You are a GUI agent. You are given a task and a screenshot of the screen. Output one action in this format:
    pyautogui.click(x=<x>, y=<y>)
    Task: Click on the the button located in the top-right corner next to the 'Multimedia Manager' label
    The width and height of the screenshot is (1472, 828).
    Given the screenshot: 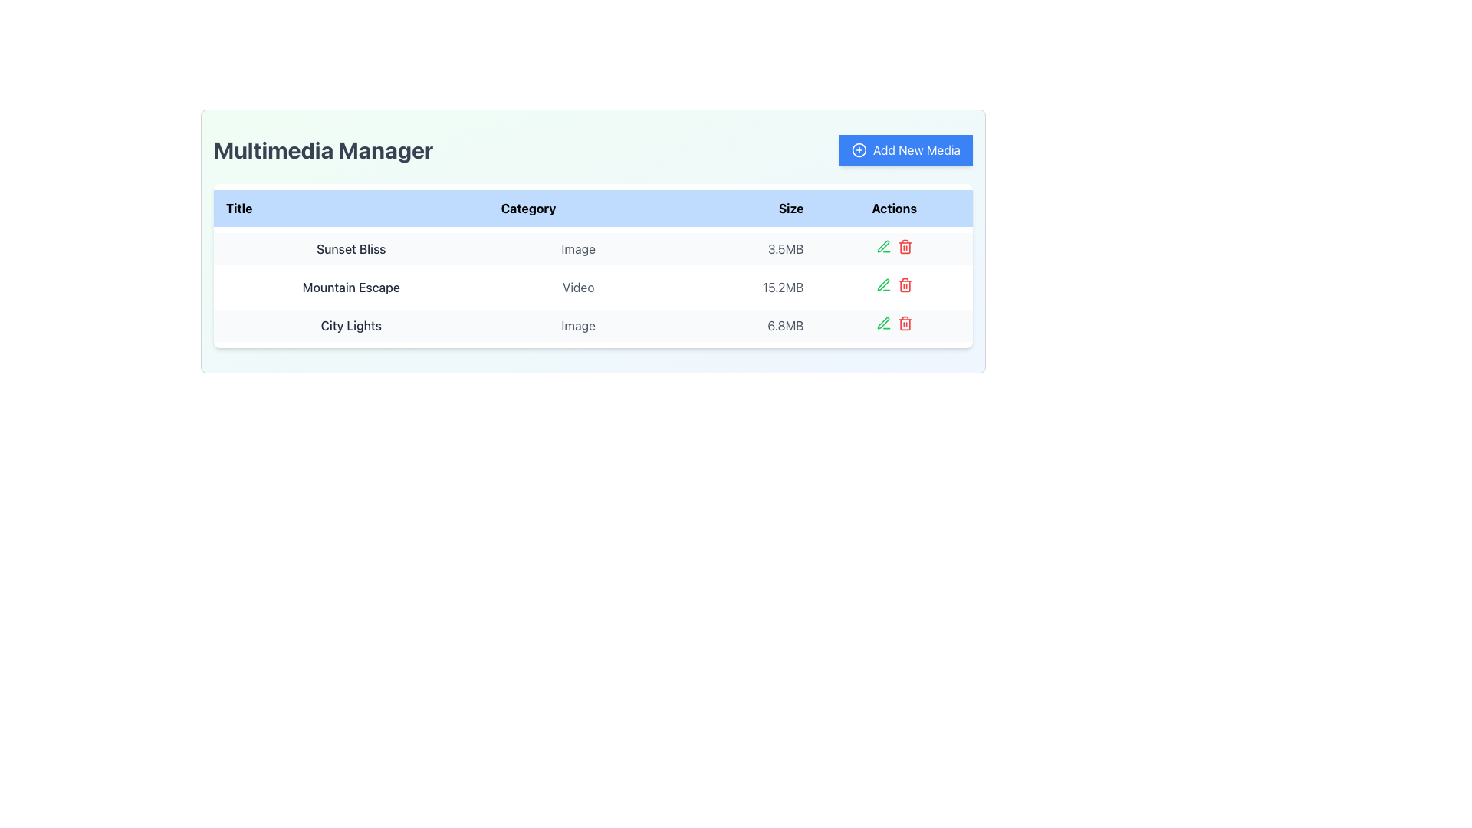 What is the action you would take?
    pyautogui.click(x=905, y=150)
    